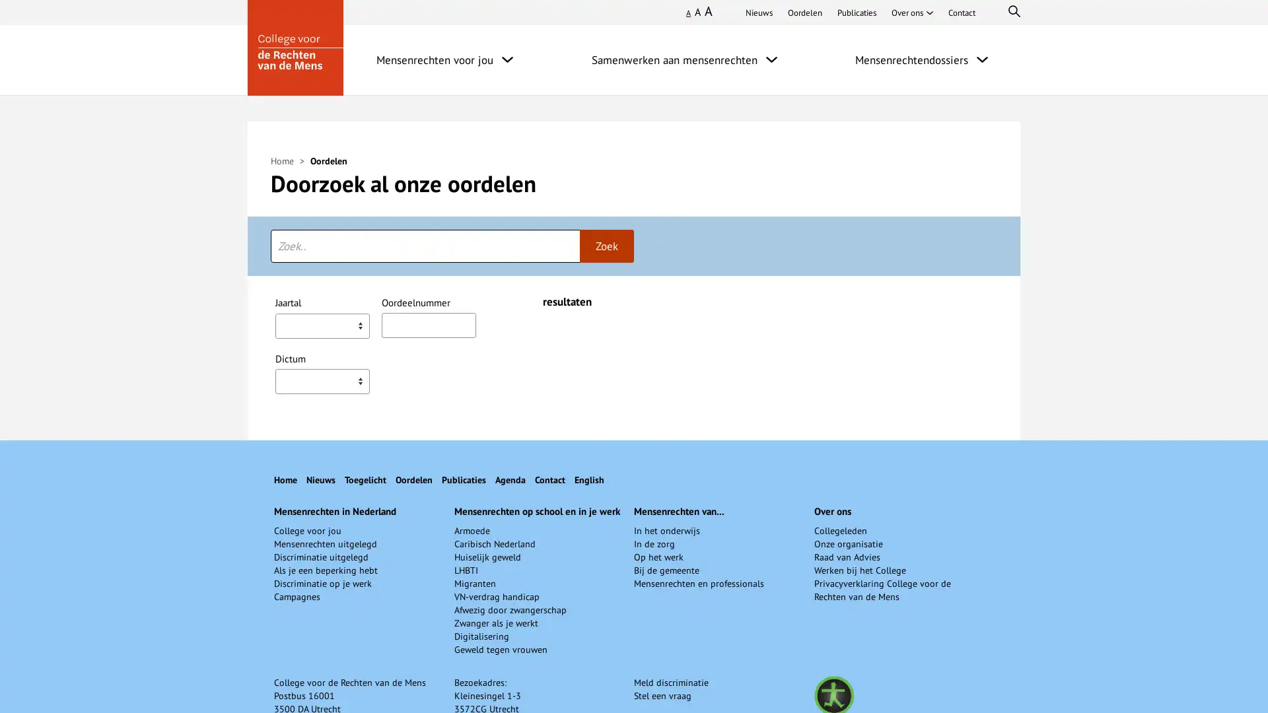 The image size is (1268, 713). Describe the element at coordinates (709, 677) in the screenshot. I see `Godsdienst,` at that location.